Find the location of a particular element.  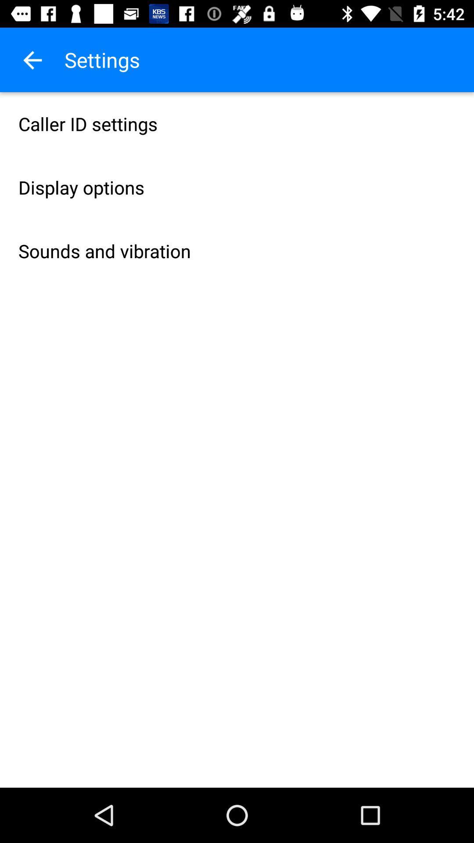

the icon above display options item is located at coordinates (237, 123).